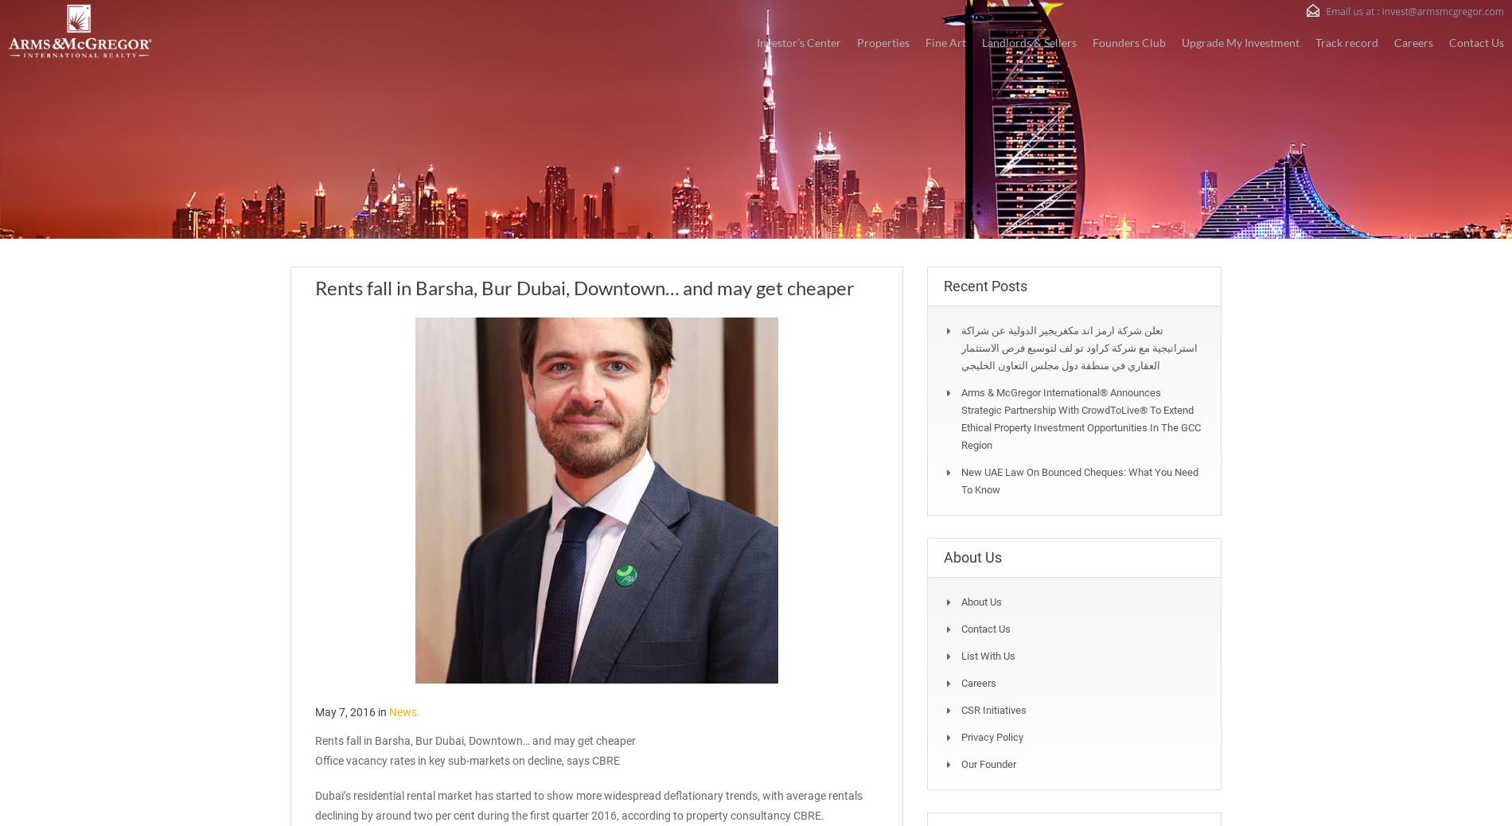 The width and height of the screenshot is (1512, 826). I want to click on 'Arms & McGregor International® Announces Strategic Partnership with CrowdToLive® to Extend Ethical Property Investment Opportunities in the GCC Region', so click(1080, 418).